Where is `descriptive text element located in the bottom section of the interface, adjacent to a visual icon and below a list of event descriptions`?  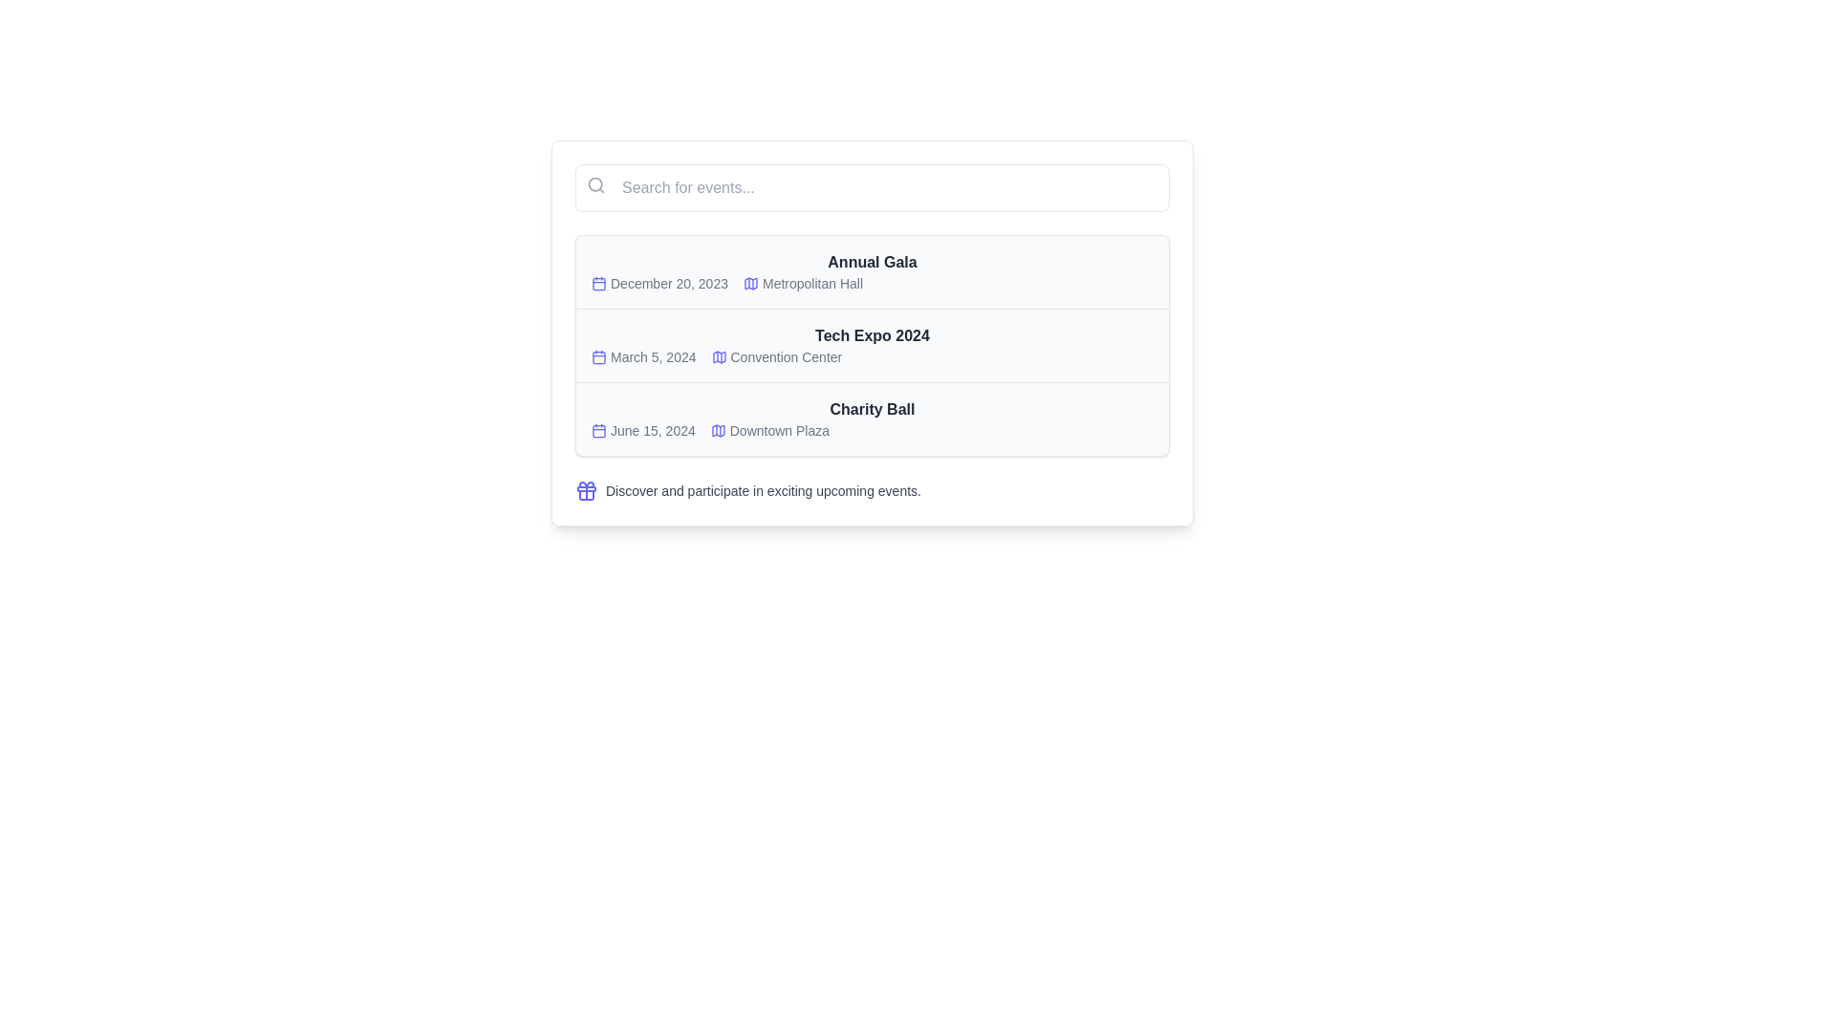 descriptive text element located in the bottom section of the interface, adjacent to a visual icon and below a list of event descriptions is located at coordinates (762, 489).